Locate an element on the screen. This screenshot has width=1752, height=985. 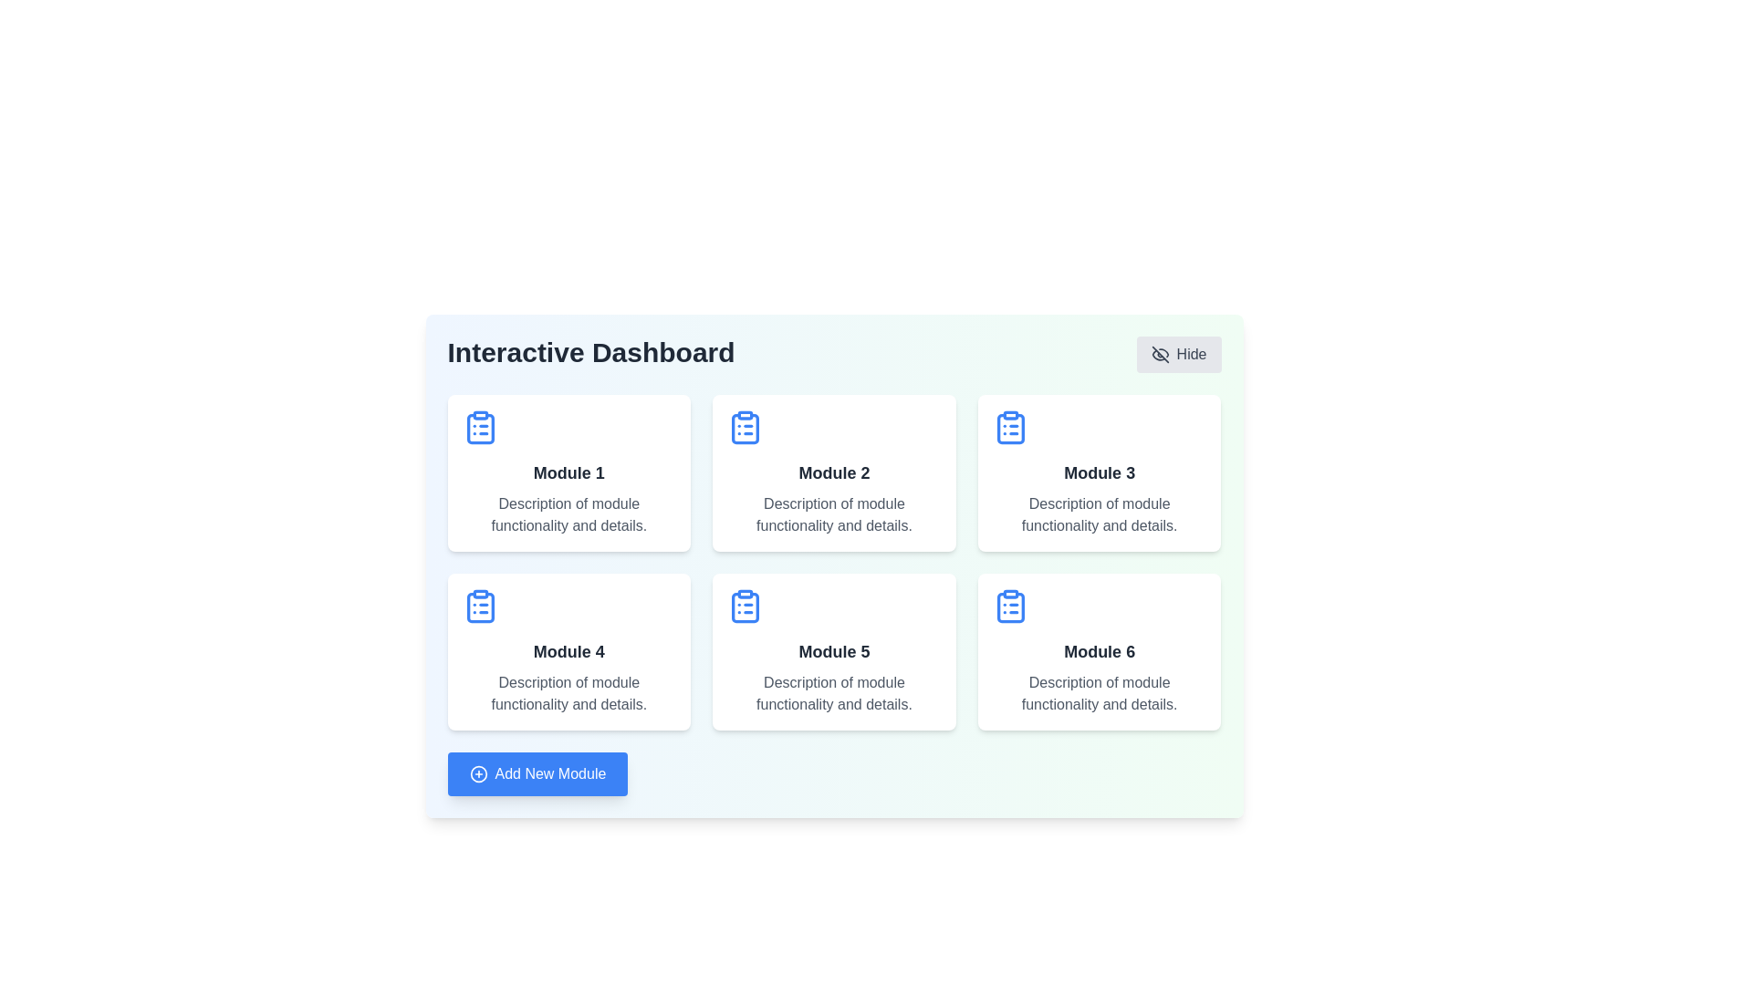
descriptive static text located in the lower part of the 'Module 4' card, which is the fourth card in the grid layout is located at coordinates (568, 693).